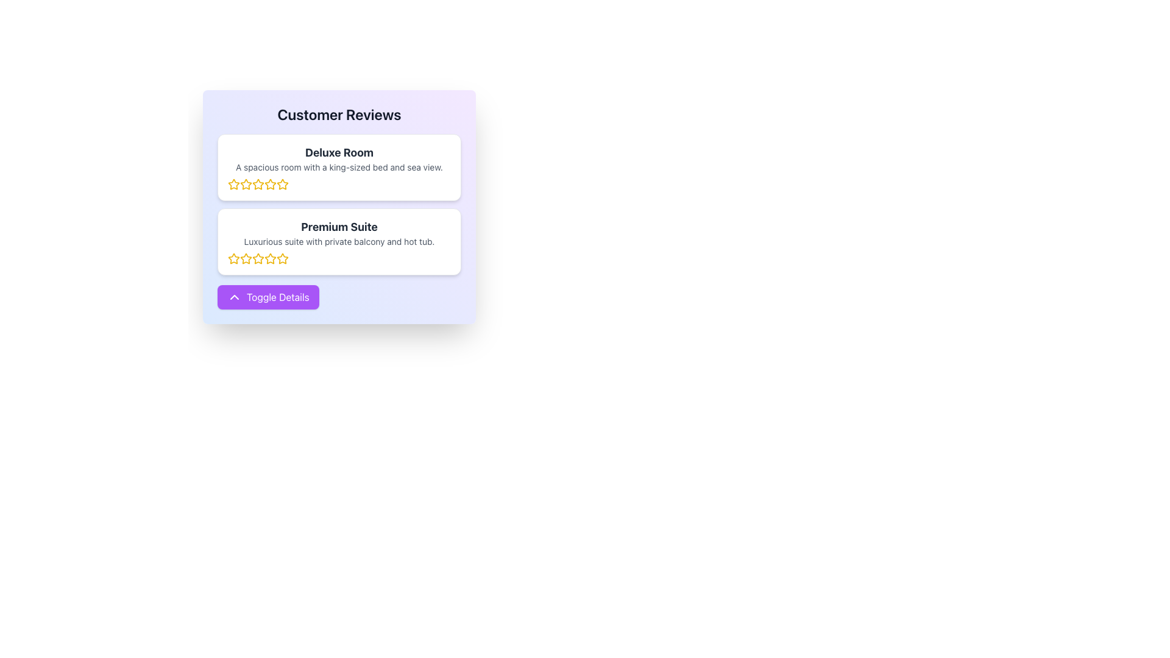 The height and width of the screenshot is (658, 1170). Describe the element at coordinates (270, 185) in the screenshot. I see `the fifth star in the star rating sequence for the 'Deluxe Room' review to rate it` at that location.